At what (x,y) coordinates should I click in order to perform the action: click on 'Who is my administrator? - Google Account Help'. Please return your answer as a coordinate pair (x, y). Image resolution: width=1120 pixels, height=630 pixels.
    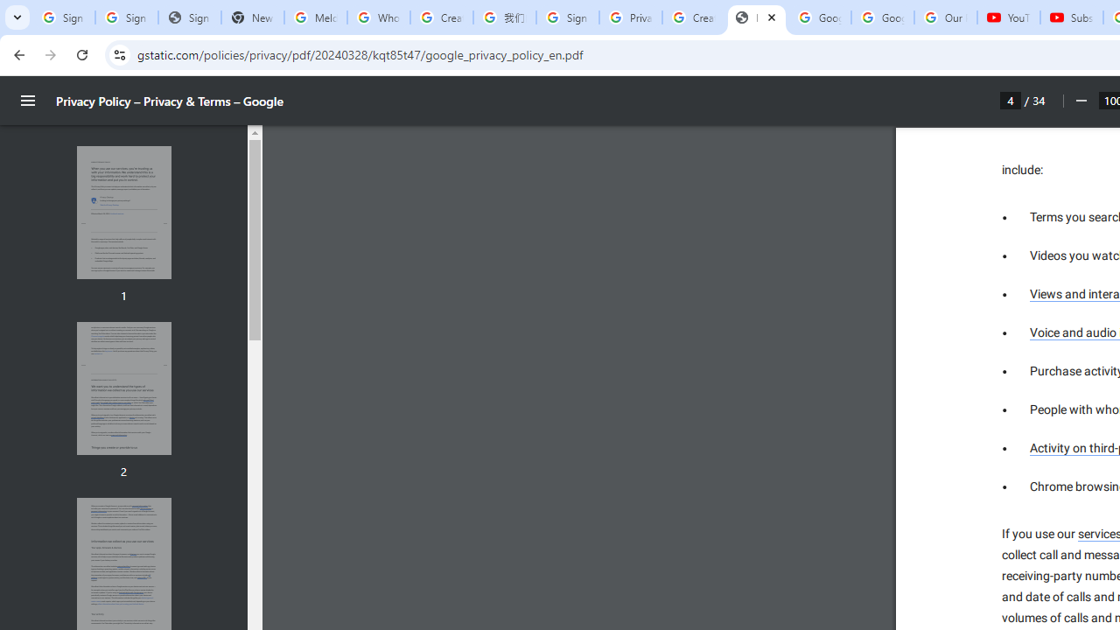
    Looking at the image, I should click on (377, 17).